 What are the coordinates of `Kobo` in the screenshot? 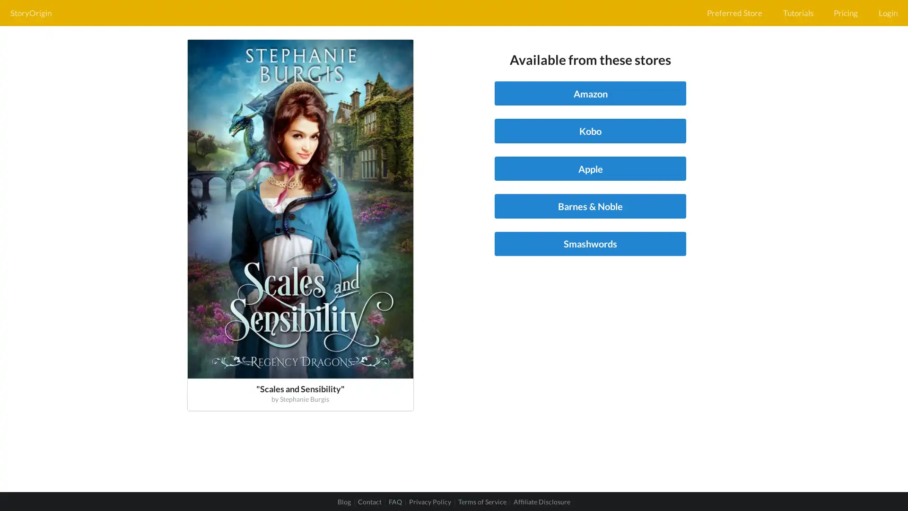 It's located at (590, 131).